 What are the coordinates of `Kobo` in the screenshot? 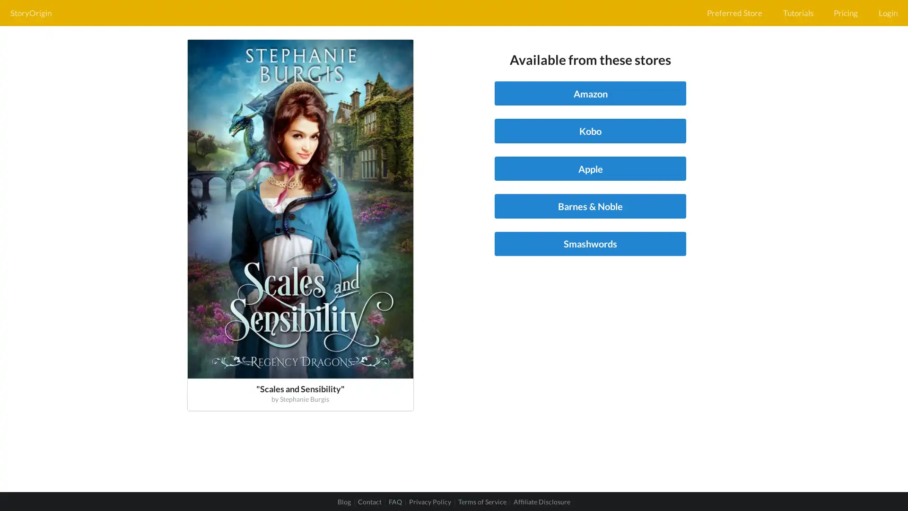 It's located at (590, 131).